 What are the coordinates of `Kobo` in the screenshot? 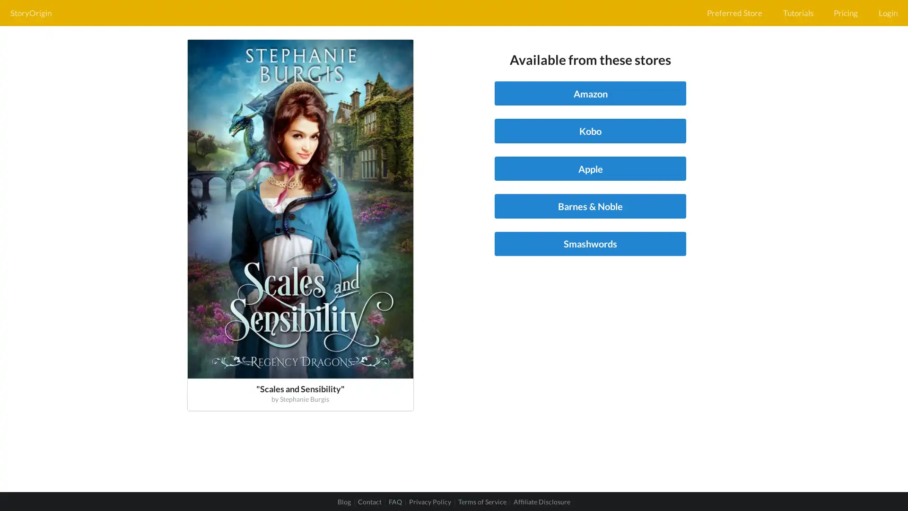 It's located at (590, 131).